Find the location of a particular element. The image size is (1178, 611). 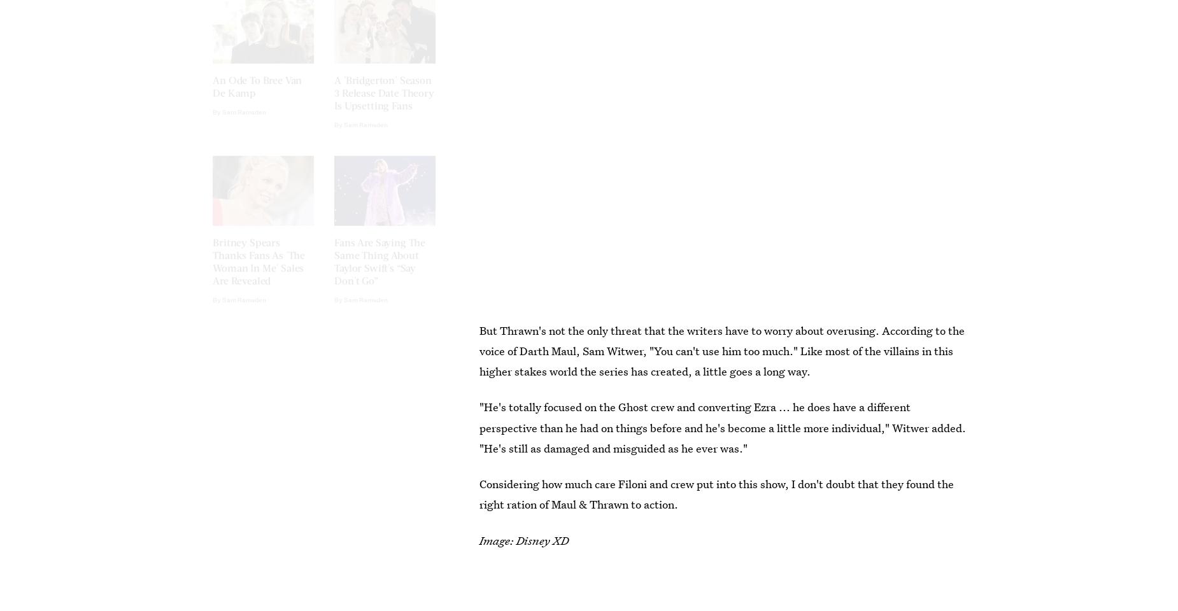

'Fans Are Saying The Same Thing About Taylor Swift's “Say Don't Go”' is located at coordinates (380, 272).